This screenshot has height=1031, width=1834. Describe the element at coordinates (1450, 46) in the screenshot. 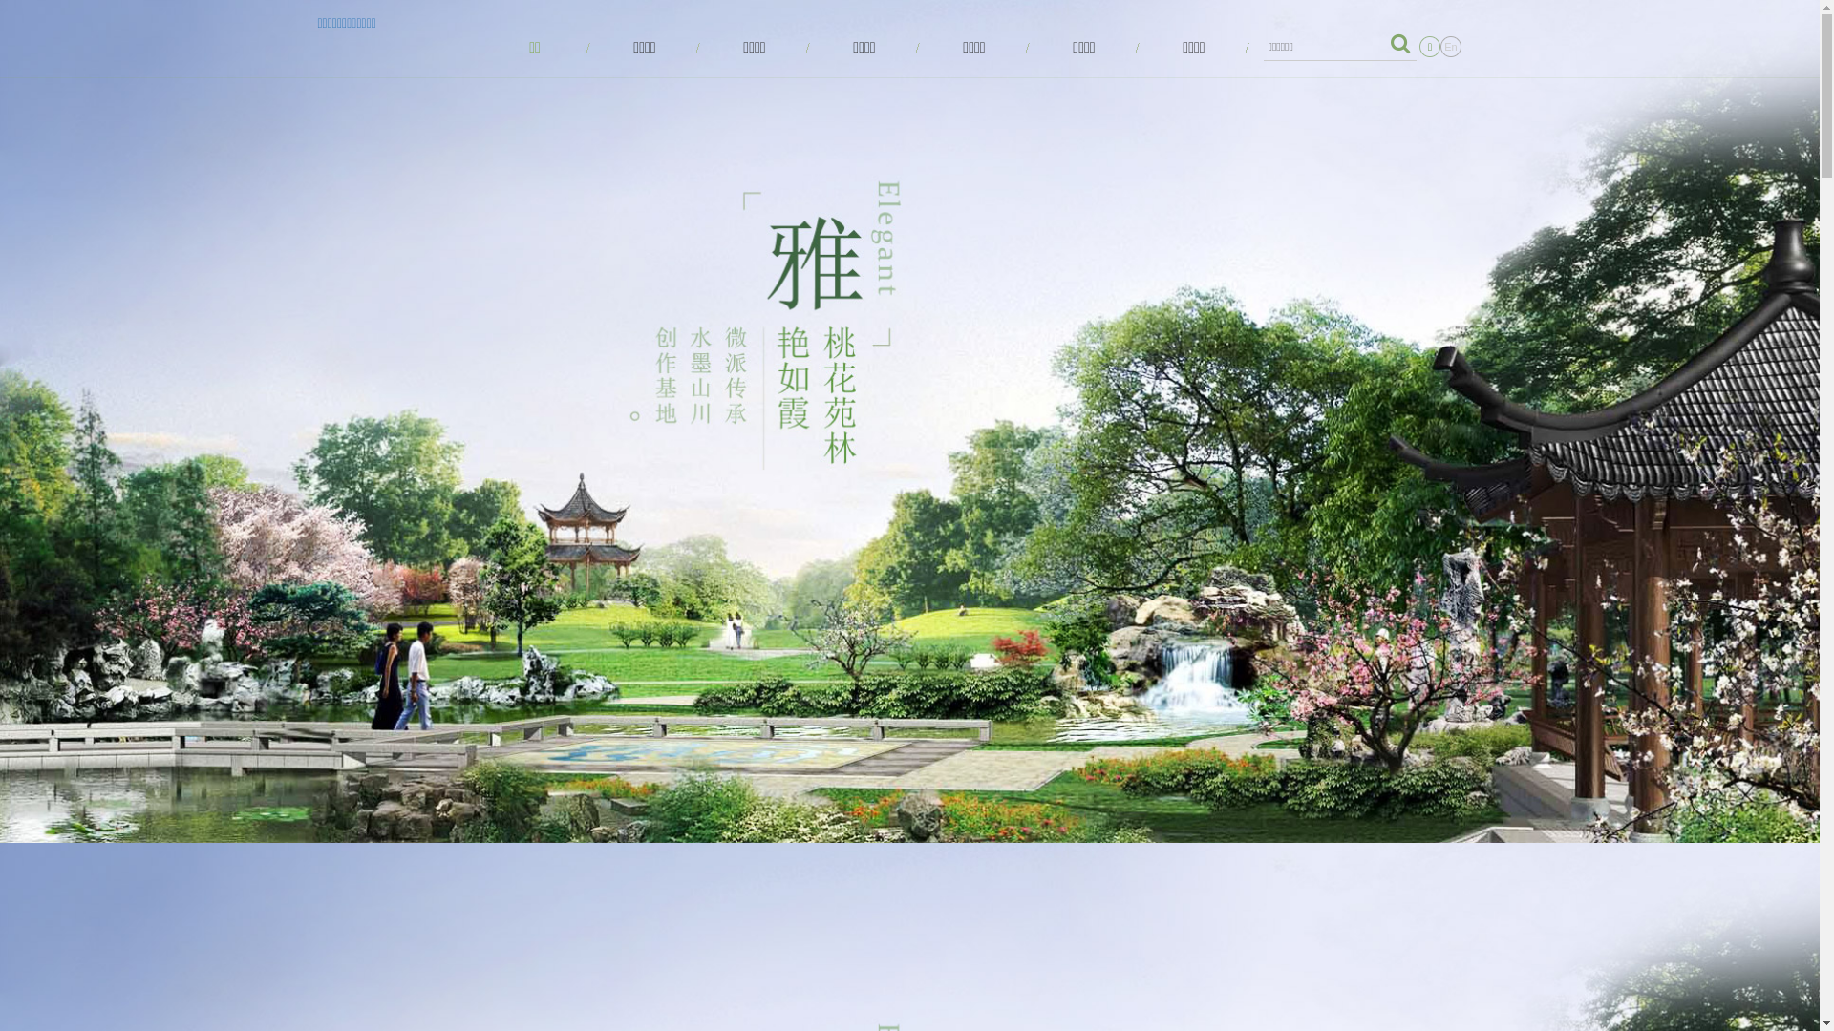

I see `'En'` at that location.